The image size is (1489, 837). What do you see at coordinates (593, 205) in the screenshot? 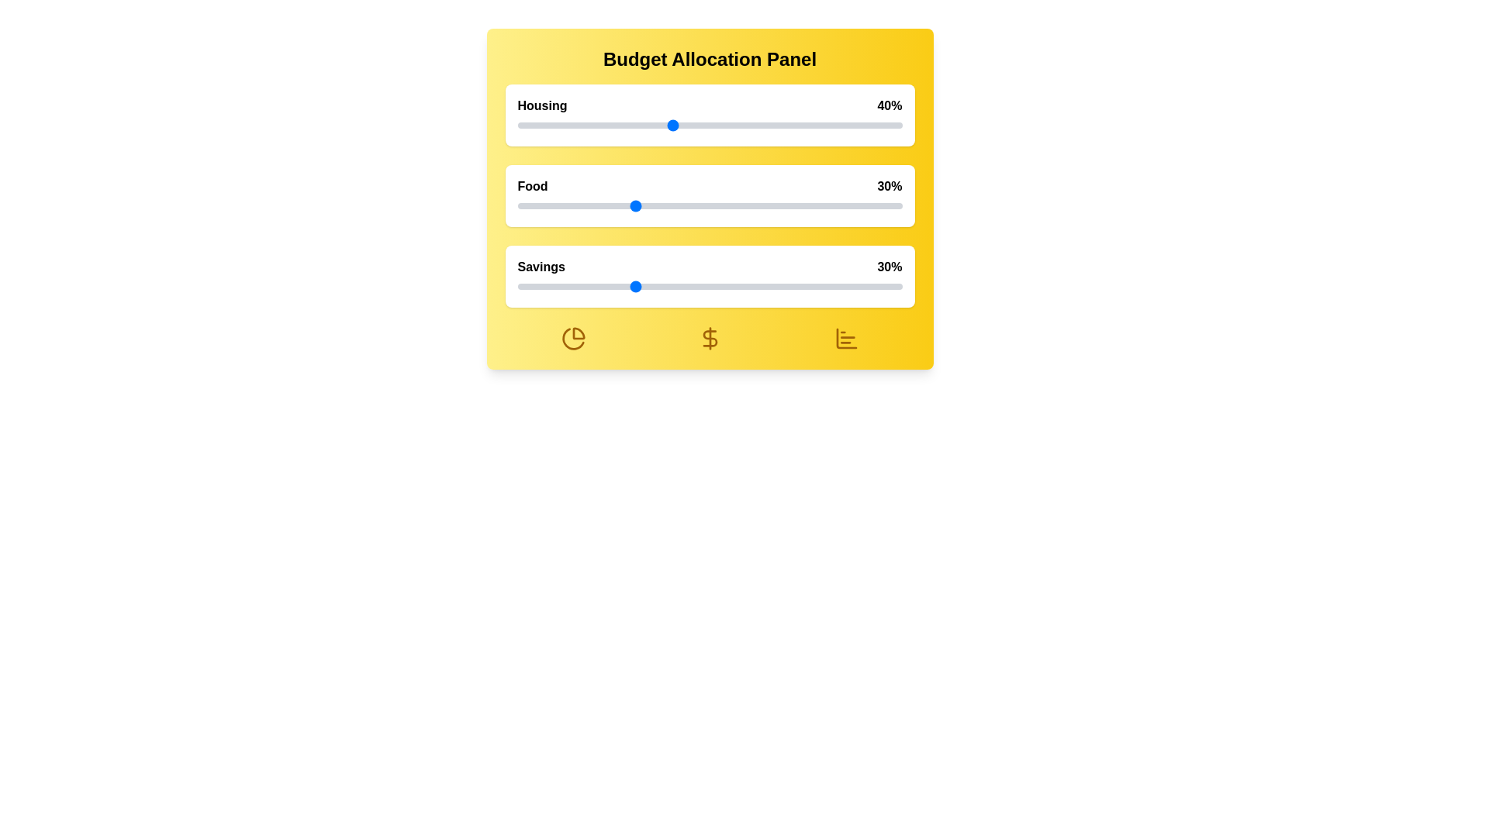
I see `the slider` at bounding box center [593, 205].